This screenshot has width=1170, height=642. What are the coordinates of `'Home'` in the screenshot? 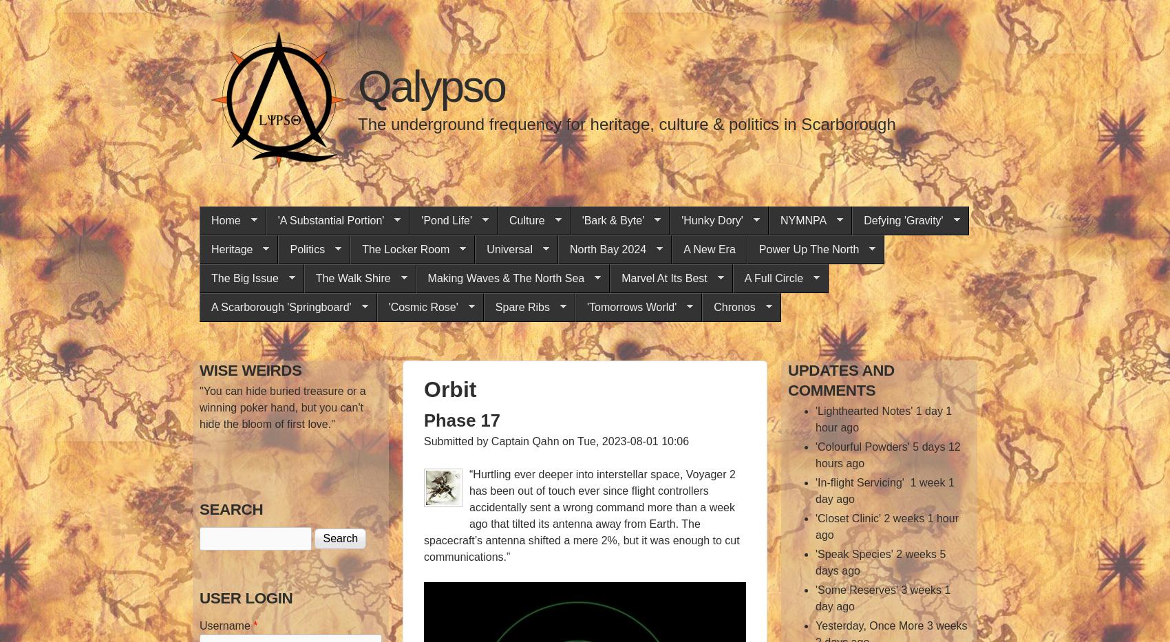 It's located at (224, 220).